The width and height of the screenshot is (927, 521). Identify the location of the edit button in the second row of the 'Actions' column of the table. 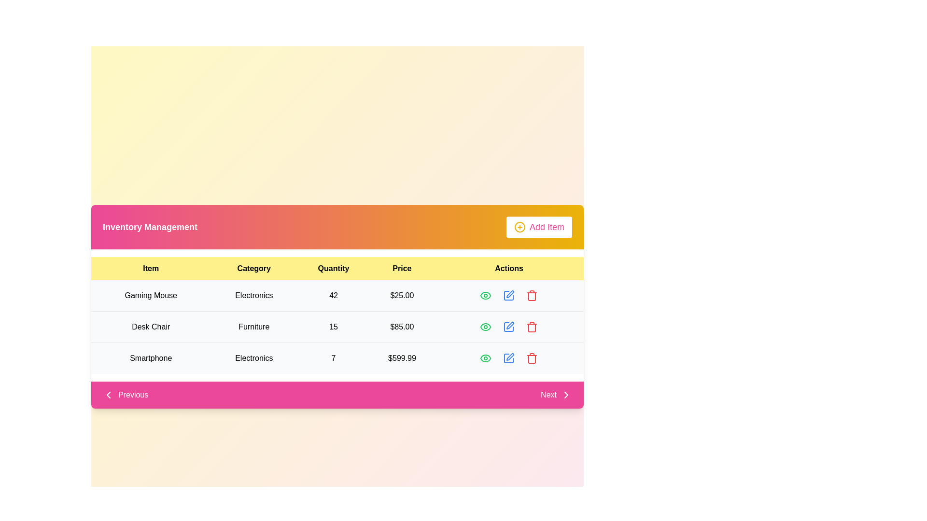
(508, 327).